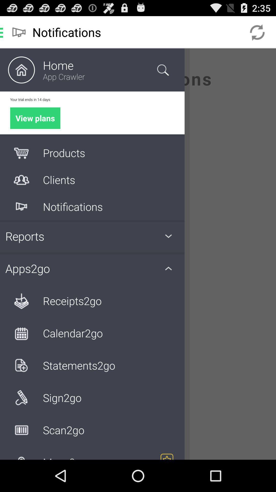  I want to click on the icon below the clients, so click(21, 207).